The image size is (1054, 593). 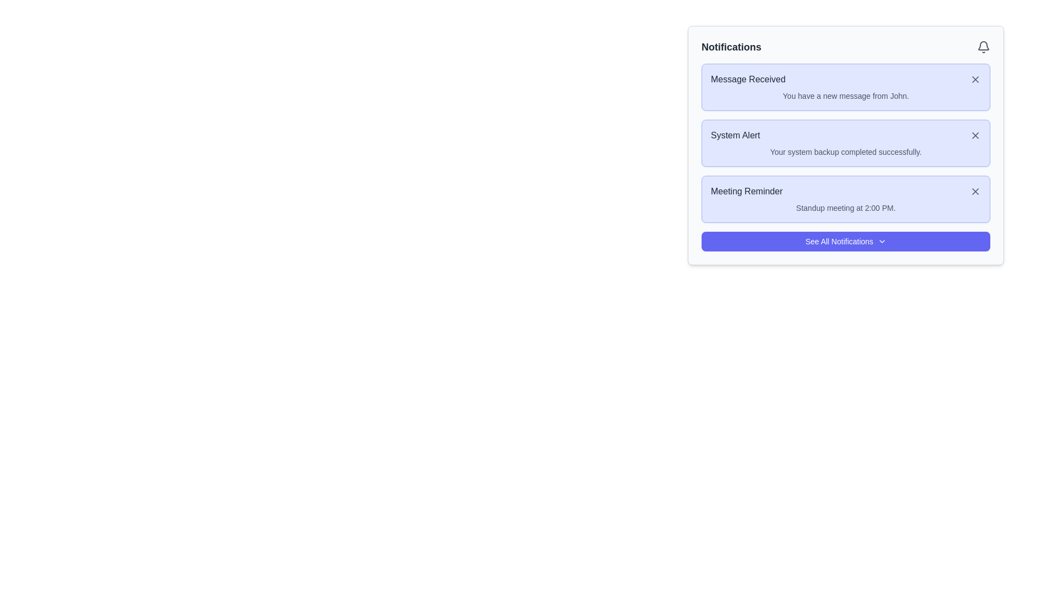 I want to click on the close button icon, which is a small gray slanted cross located at the top-right corner of the 'System Alert' notification in the notifications panel, so click(x=975, y=135).